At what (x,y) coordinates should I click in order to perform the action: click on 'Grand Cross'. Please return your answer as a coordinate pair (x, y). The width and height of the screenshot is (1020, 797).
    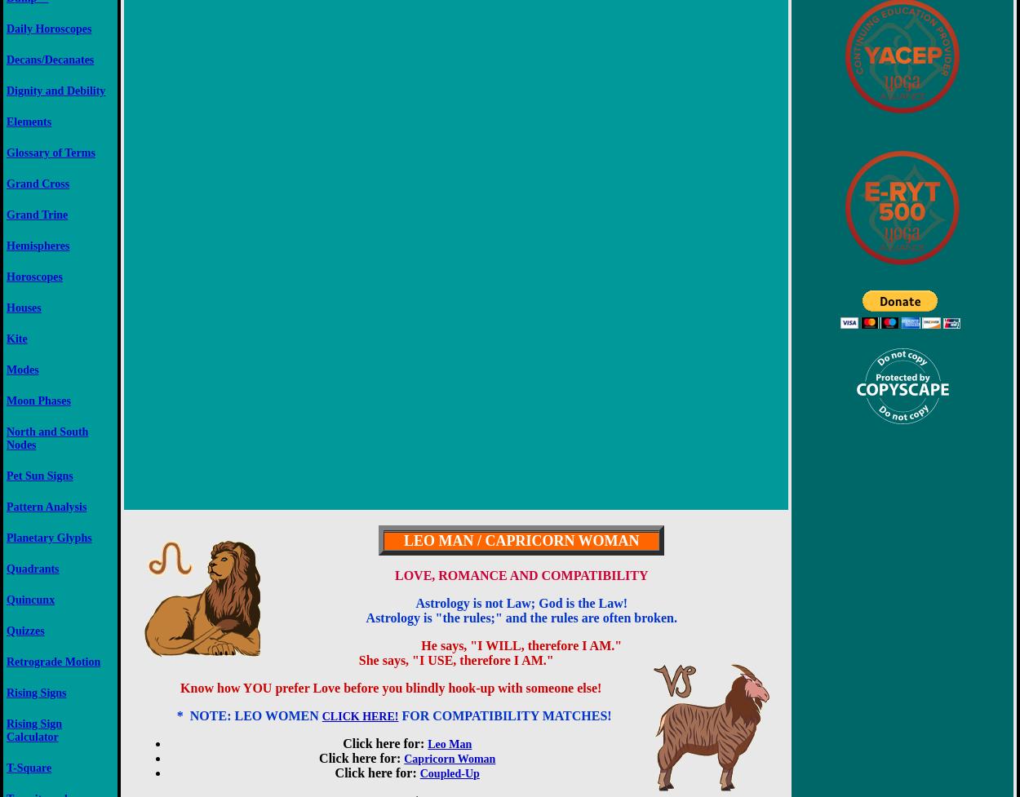
    Looking at the image, I should click on (38, 182).